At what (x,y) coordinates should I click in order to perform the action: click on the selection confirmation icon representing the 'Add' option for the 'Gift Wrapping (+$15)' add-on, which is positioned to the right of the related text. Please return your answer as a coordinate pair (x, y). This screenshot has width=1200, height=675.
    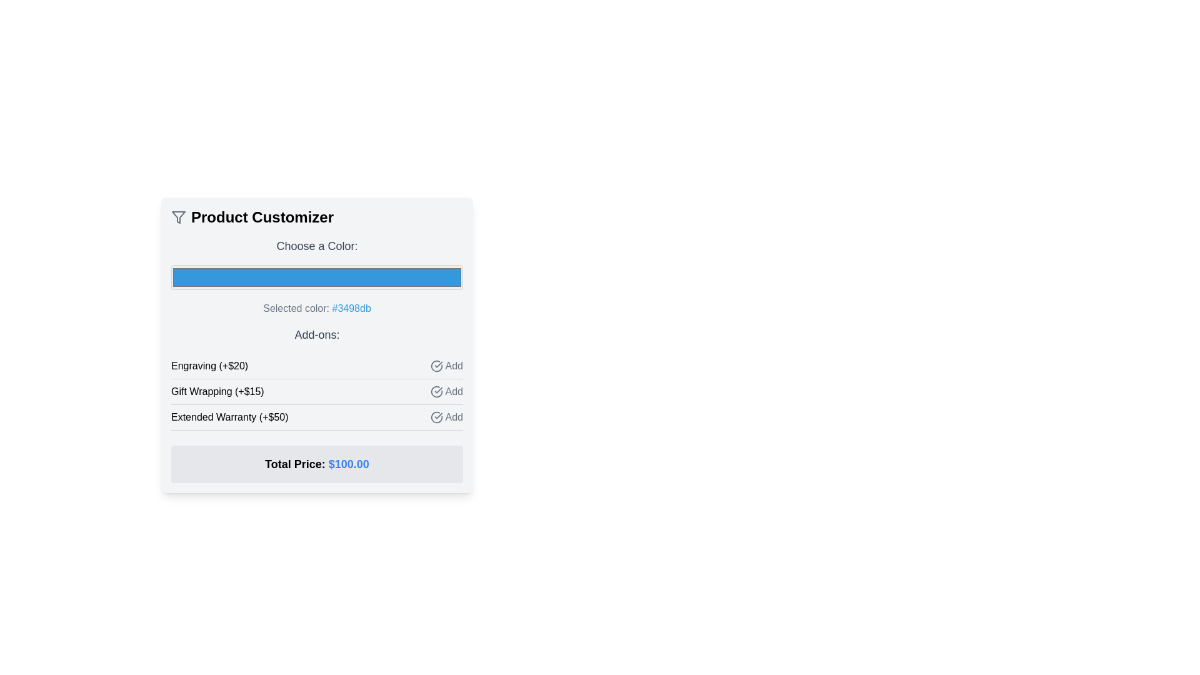
    Looking at the image, I should click on (436, 391).